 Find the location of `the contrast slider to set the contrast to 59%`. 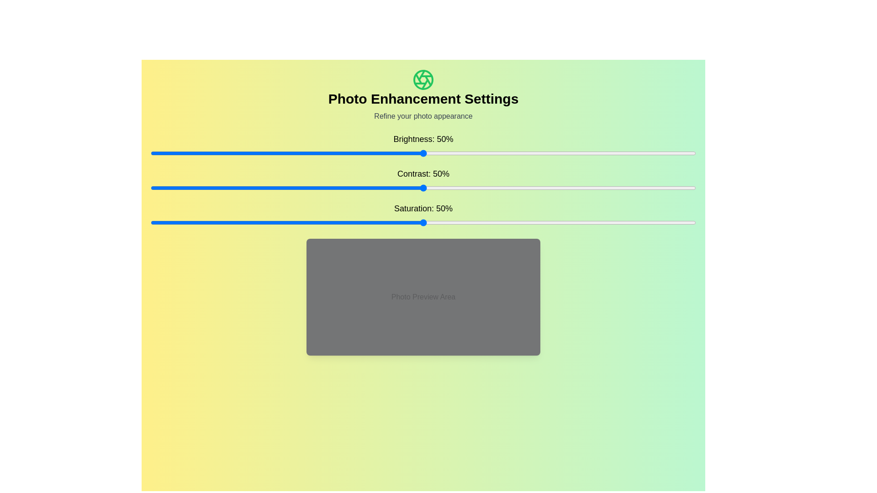

the contrast slider to set the contrast to 59% is located at coordinates (472, 188).